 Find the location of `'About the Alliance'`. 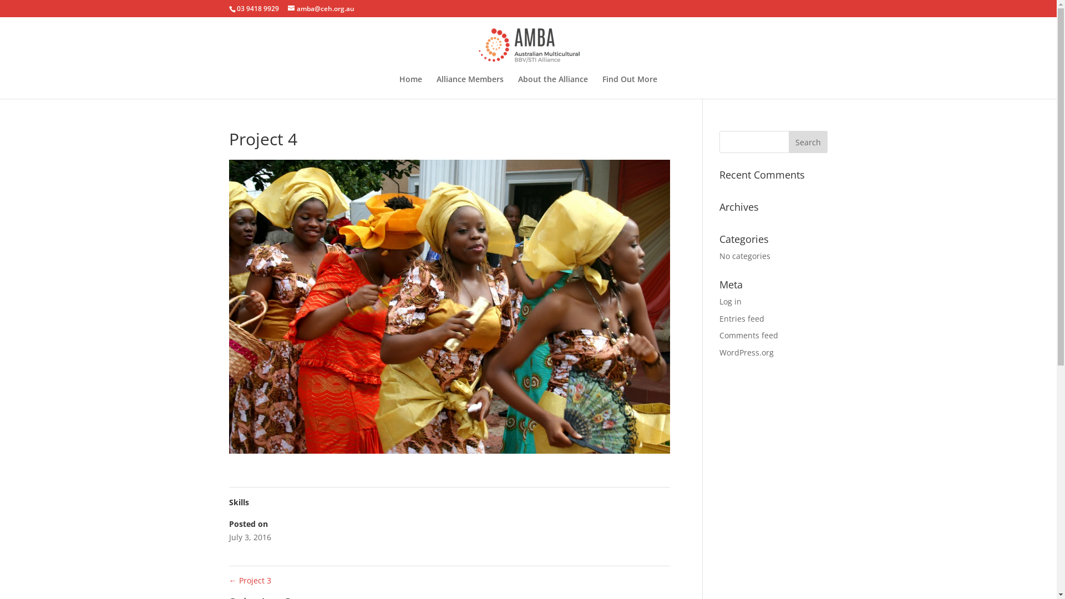

'About the Alliance' is located at coordinates (553, 87).